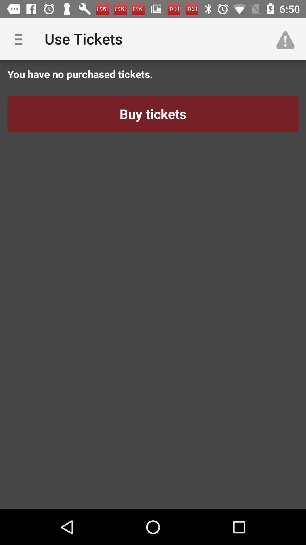 The height and width of the screenshot is (545, 306). Describe the element at coordinates (20, 38) in the screenshot. I see `icon to the left of the use tickets icon` at that location.